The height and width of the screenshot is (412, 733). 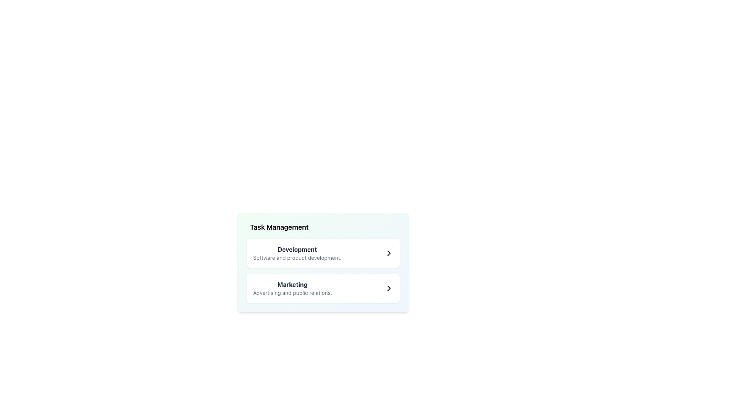 What do you see at coordinates (279, 227) in the screenshot?
I see `the 'Task Management' text label, which is displayed in bold black font and serves as the heading for the section, positioned at the top left corner of the card-like component` at bounding box center [279, 227].